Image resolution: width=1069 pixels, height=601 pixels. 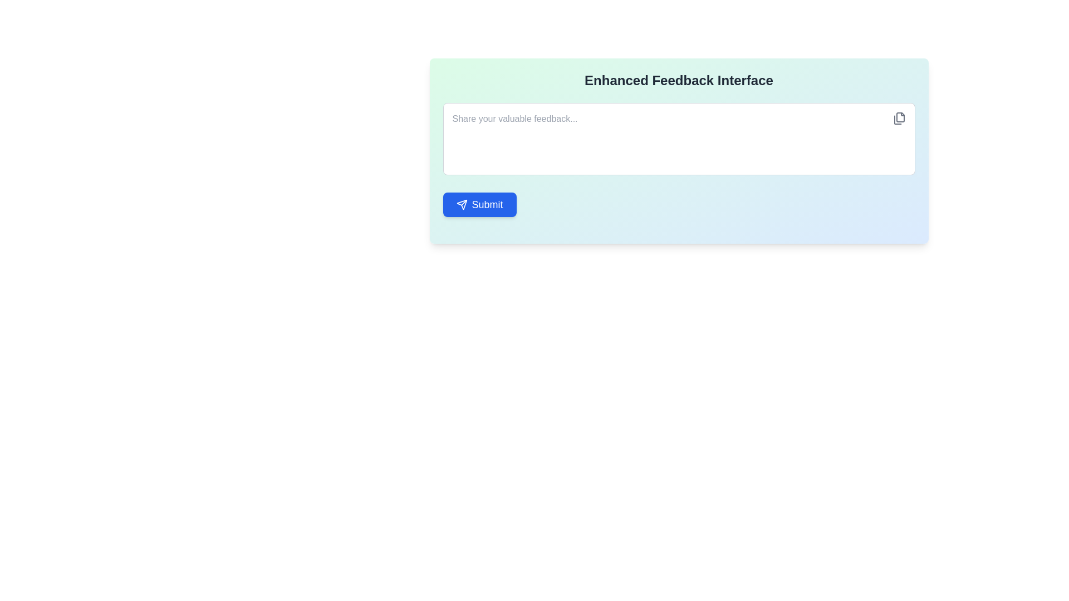 What do you see at coordinates (899, 118) in the screenshot?
I see `the icon button located at the top-right corner of the feedback text box` at bounding box center [899, 118].